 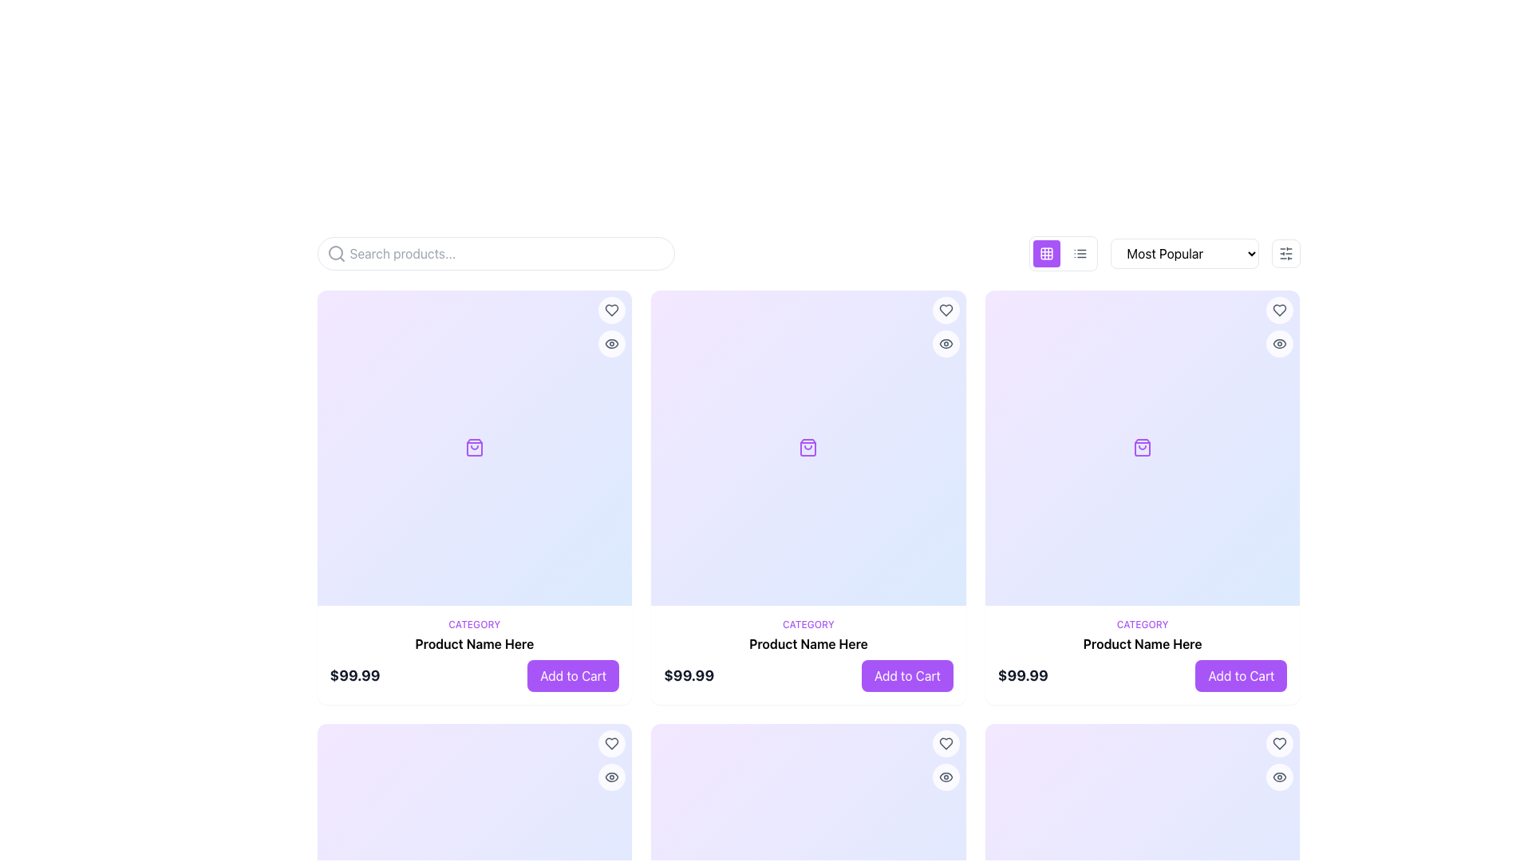 I want to click on the horizontal sliders icon located in the top-right grouping of the UI, so click(x=1285, y=252).